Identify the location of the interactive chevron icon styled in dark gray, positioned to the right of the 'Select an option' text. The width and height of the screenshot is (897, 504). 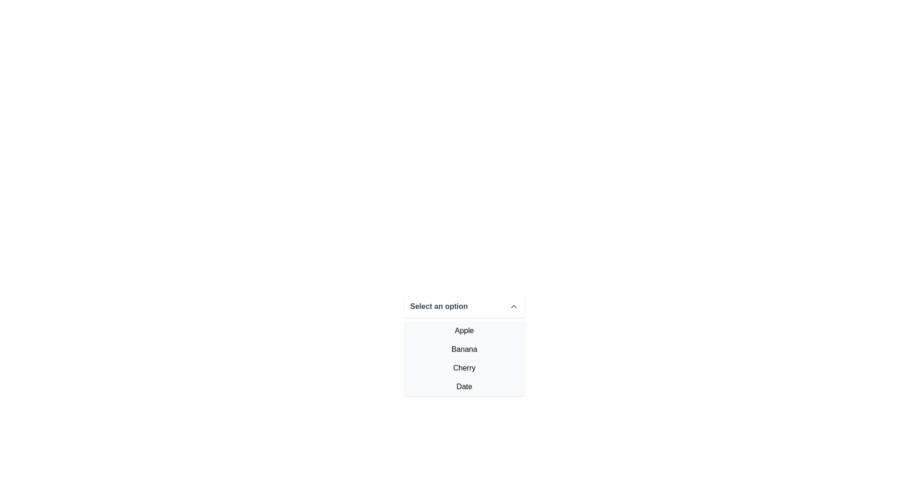
(513, 306).